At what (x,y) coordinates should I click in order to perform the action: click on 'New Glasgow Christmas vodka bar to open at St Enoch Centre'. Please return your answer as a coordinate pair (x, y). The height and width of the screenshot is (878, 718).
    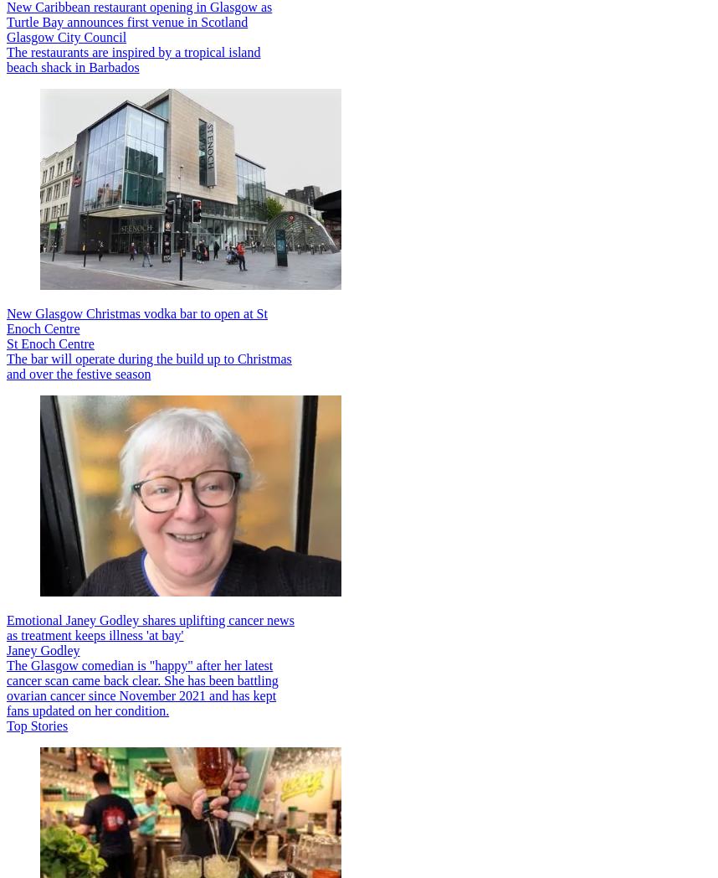
    Looking at the image, I should click on (136, 320).